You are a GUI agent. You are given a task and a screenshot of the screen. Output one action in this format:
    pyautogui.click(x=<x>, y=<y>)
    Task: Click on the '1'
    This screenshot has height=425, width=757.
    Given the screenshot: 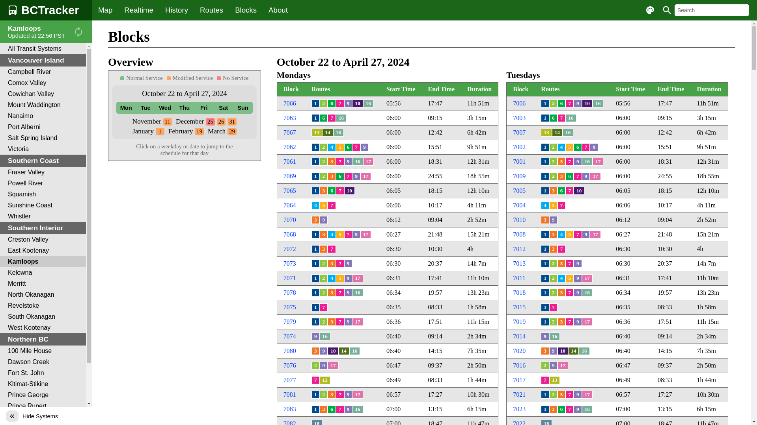 What is the action you would take?
    pyautogui.click(x=311, y=249)
    